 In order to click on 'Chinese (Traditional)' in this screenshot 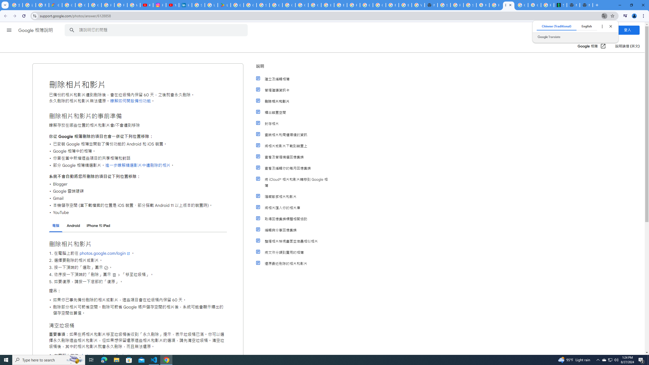, I will do `click(556, 26)`.